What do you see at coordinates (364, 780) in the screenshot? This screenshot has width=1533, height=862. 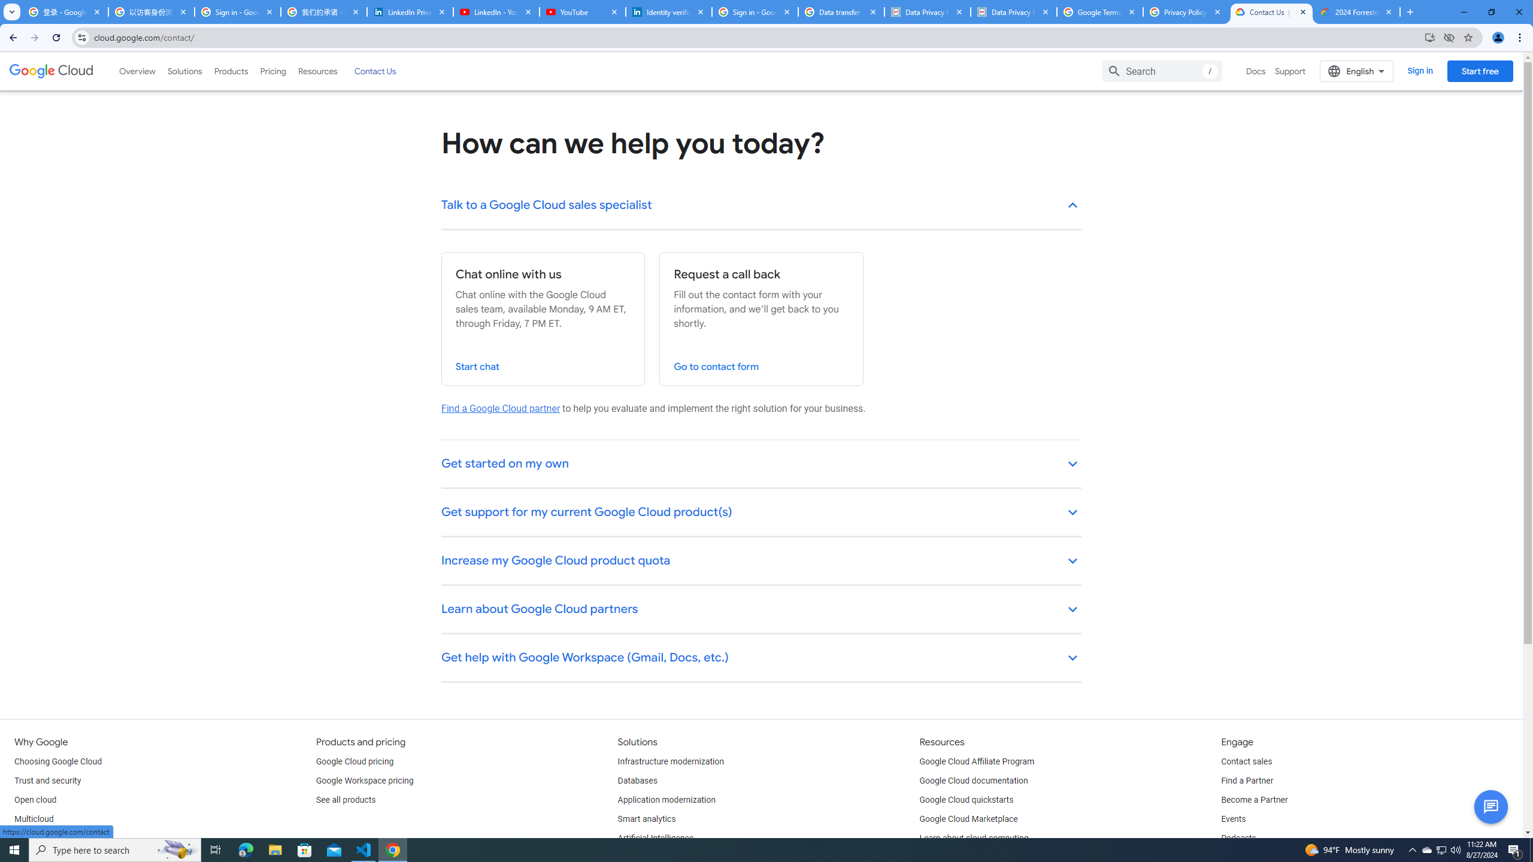 I see `'Google Workspace pricing'` at bounding box center [364, 780].